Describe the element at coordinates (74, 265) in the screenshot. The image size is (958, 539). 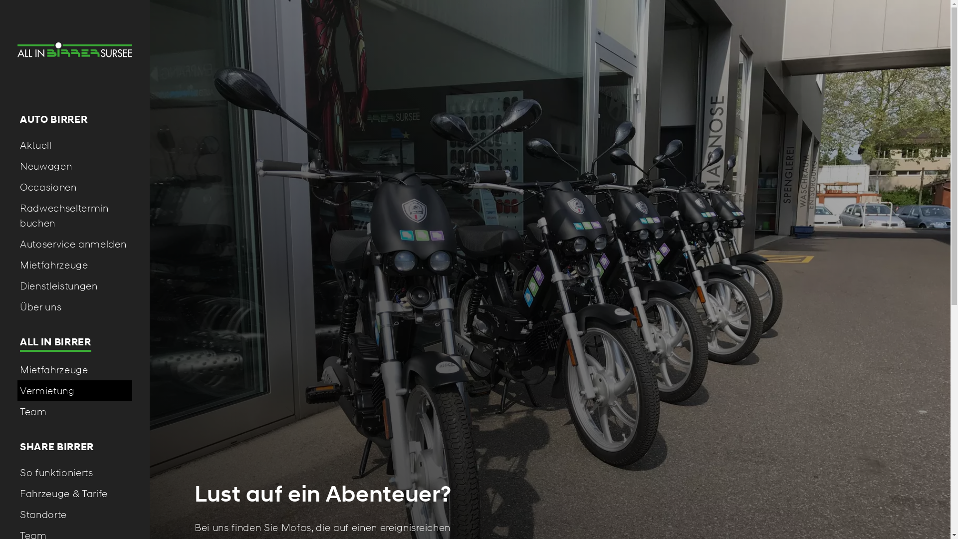
I see `'Mietfahrzeuge'` at that location.